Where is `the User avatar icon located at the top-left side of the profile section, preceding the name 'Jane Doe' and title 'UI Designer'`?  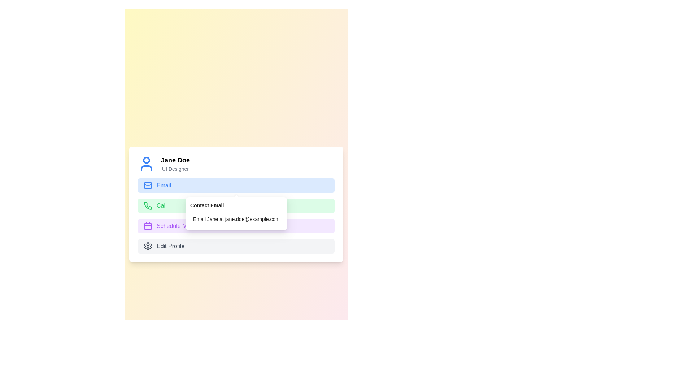 the User avatar icon located at the top-left side of the profile section, preceding the name 'Jane Doe' and title 'UI Designer' is located at coordinates (146, 164).